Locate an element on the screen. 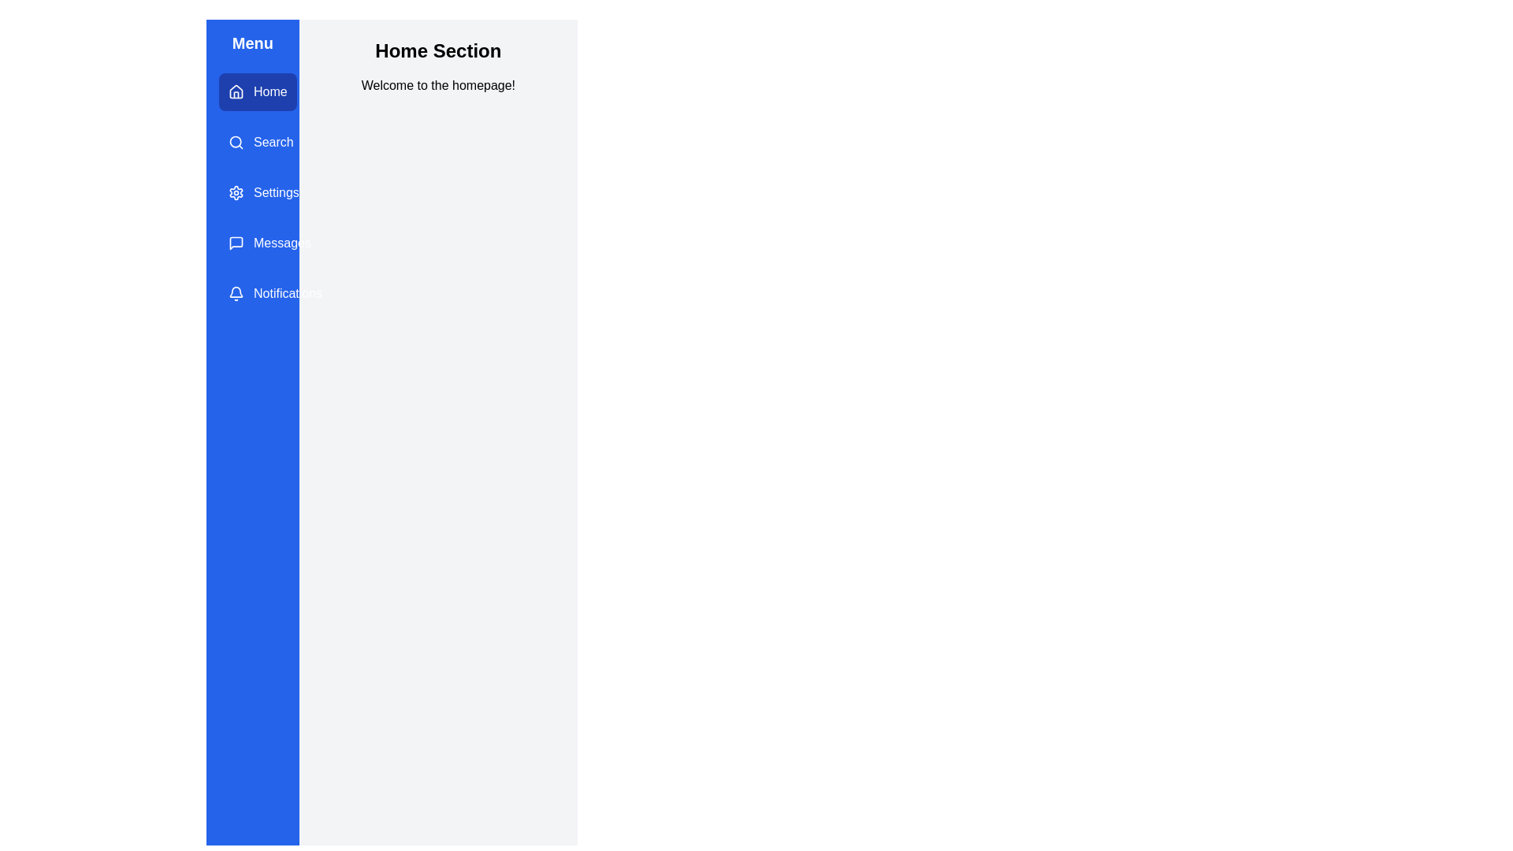  text label displaying 'Home' in white font, which is part of the navigational menu and positioned to the right of a house icon in the left sidebar is located at coordinates (270, 91).